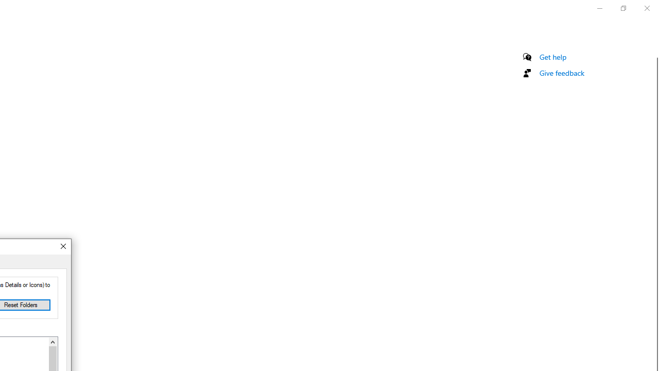  Describe the element at coordinates (62, 246) in the screenshot. I see `'Close'` at that location.